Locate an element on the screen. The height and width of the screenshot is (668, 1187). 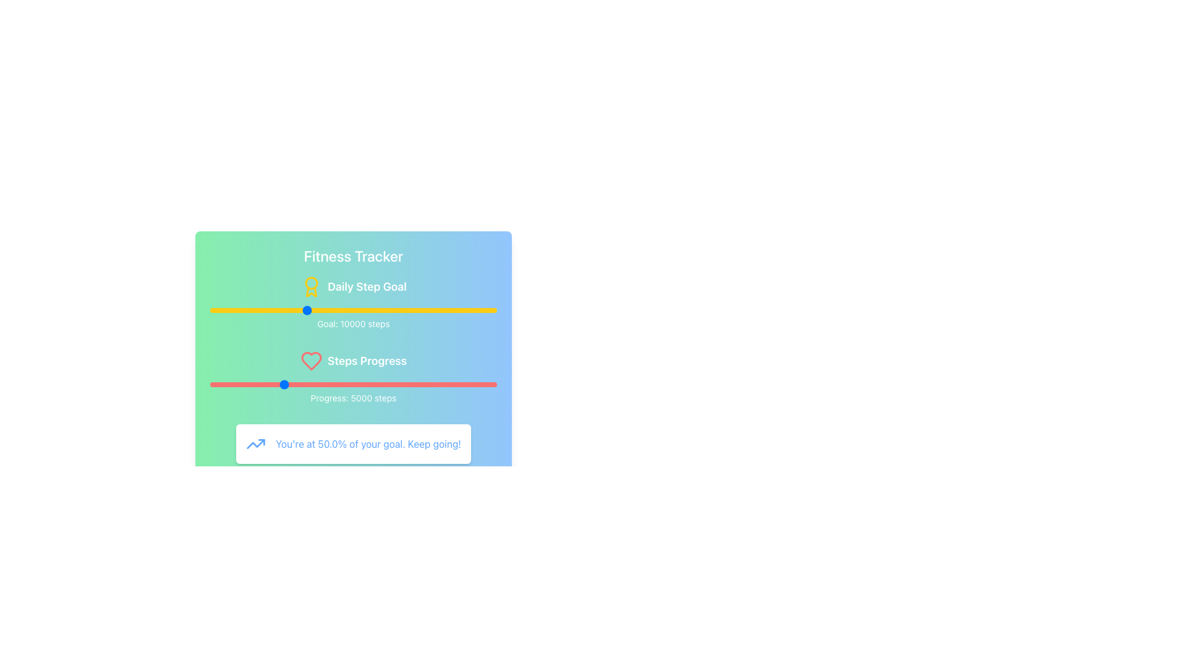
the 'Daily Step Goal' text label, which is displayed in bold, large white font and positioned below the 'Fitness Tracker' title, with an award ribbon icon to its left is located at coordinates (367, 286).